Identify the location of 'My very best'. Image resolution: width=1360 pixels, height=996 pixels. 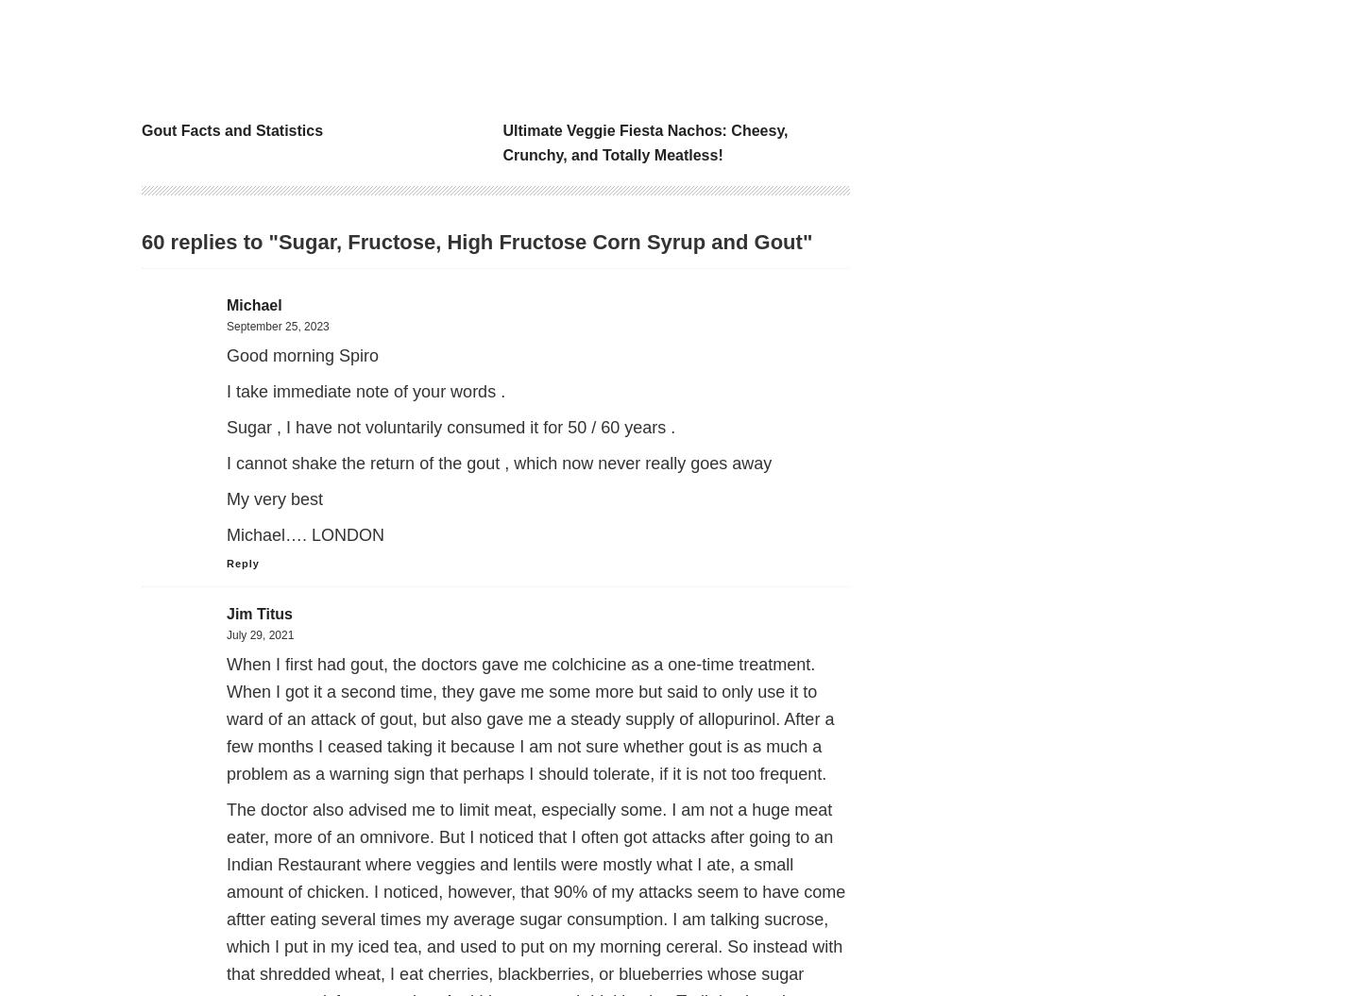
(227, 498).